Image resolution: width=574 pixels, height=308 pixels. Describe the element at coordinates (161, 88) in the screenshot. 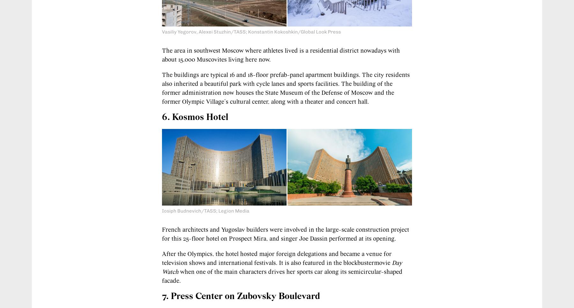

I see `'The buildings are typical 16 and 18-floor prefab-panel apartment buildings. The city residents also inherited a beautiful park with cycle lanes and sports facilities. The building of the former administration now houses the State Museum of the Defense of Moscow and the former Olympic Village’s cultural center, along with a theater and concert hall.'` at that location.